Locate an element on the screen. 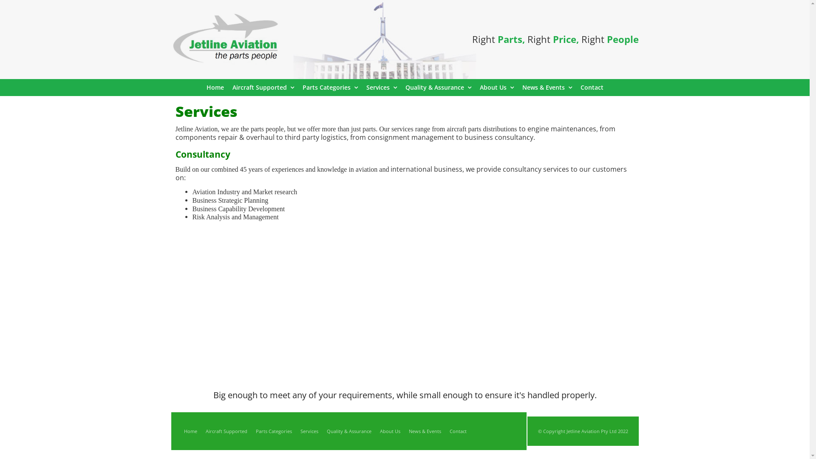 This screenshot has width=816, height=459. 'Quality & Assurance' is located at coordinates (438, 87).